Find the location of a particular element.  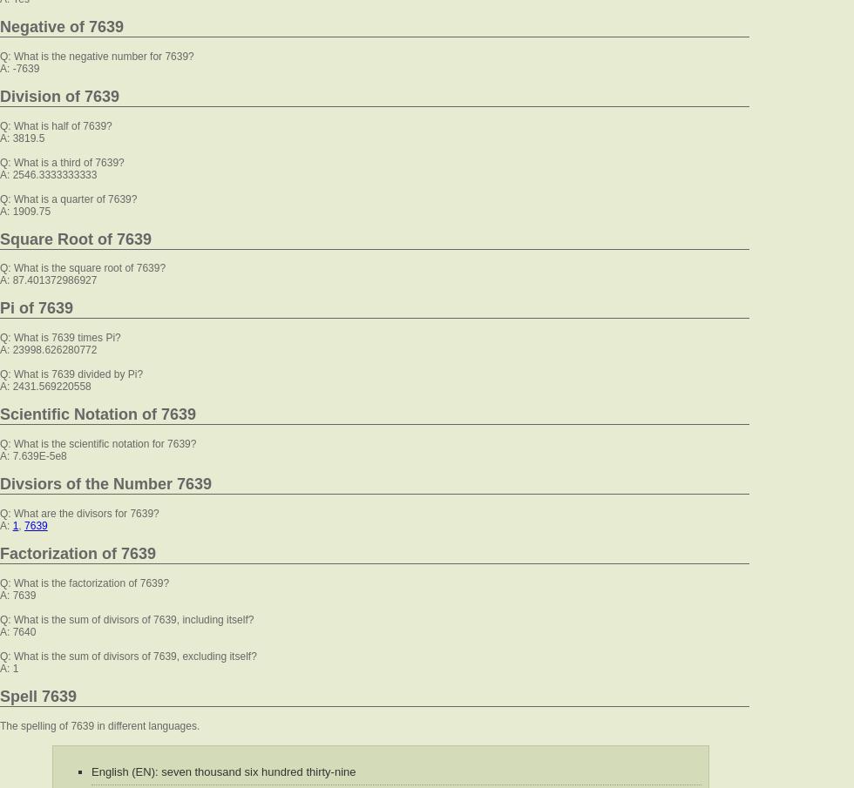

'Q: What are the divisors for 7639?' is located at coordinates (79, 513).